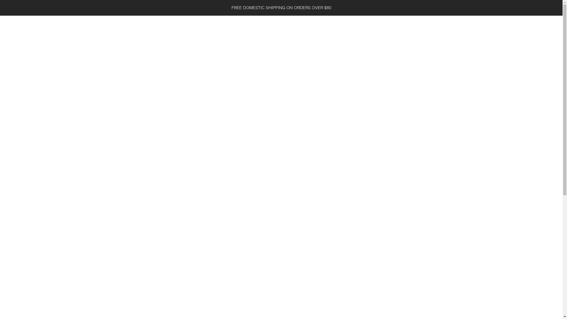 Image resolution: width=567 pixels, height=319 pixels. I want to click on 'FREE DOMESTIC SHIPPING ON ORDERS OVER $80', so click(281, 8).